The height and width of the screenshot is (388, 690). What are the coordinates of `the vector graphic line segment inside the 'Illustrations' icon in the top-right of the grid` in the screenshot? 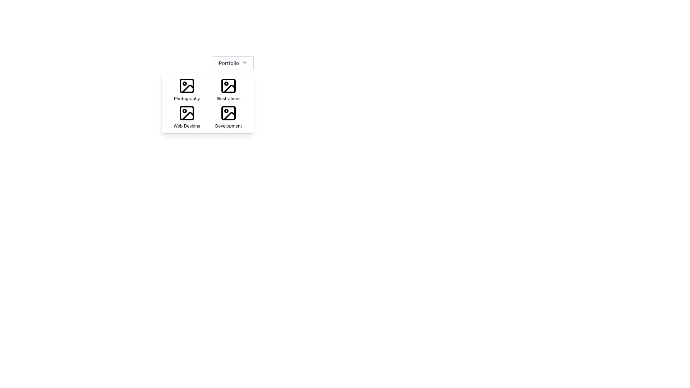 It's located at (229, 88).